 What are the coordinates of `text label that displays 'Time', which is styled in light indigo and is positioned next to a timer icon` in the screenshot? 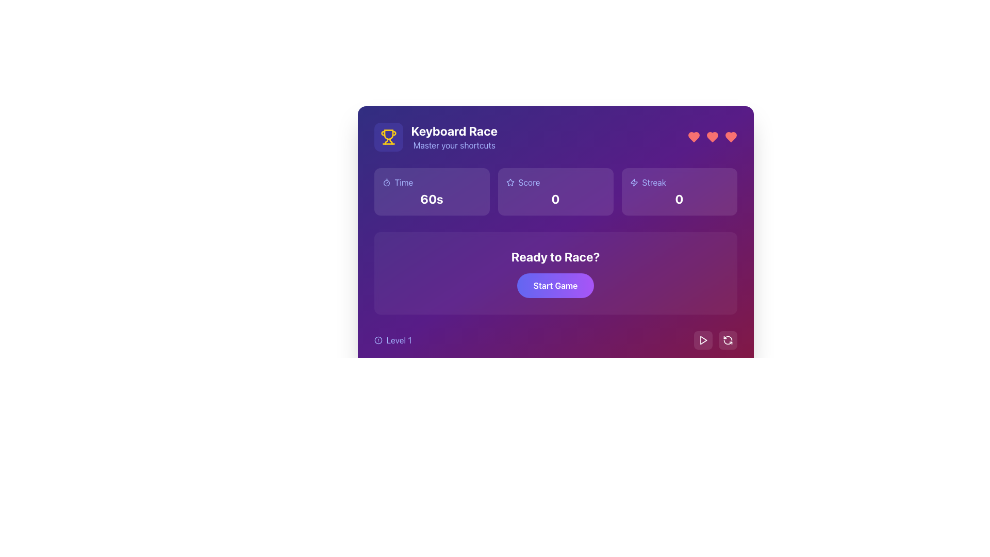 It's located at (403, 182).